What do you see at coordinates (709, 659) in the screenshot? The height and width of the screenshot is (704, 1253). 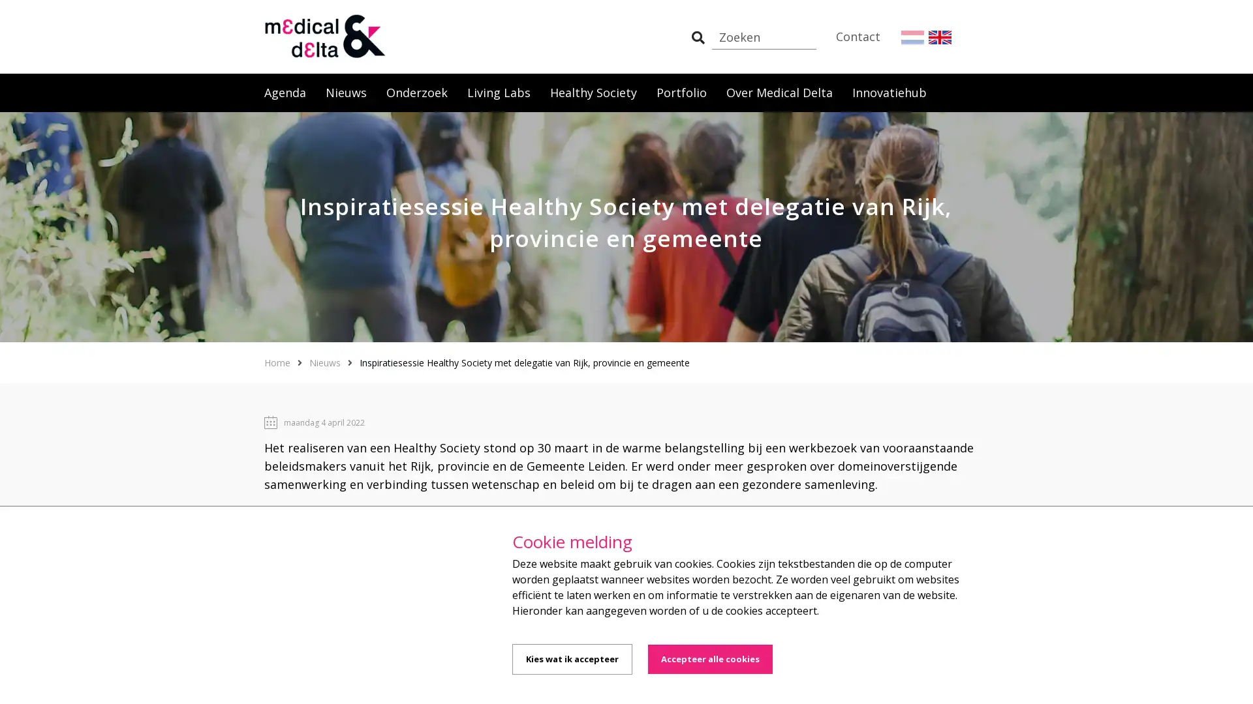 I see `Accepteer alle cookies` at bounding box center [709, 659].